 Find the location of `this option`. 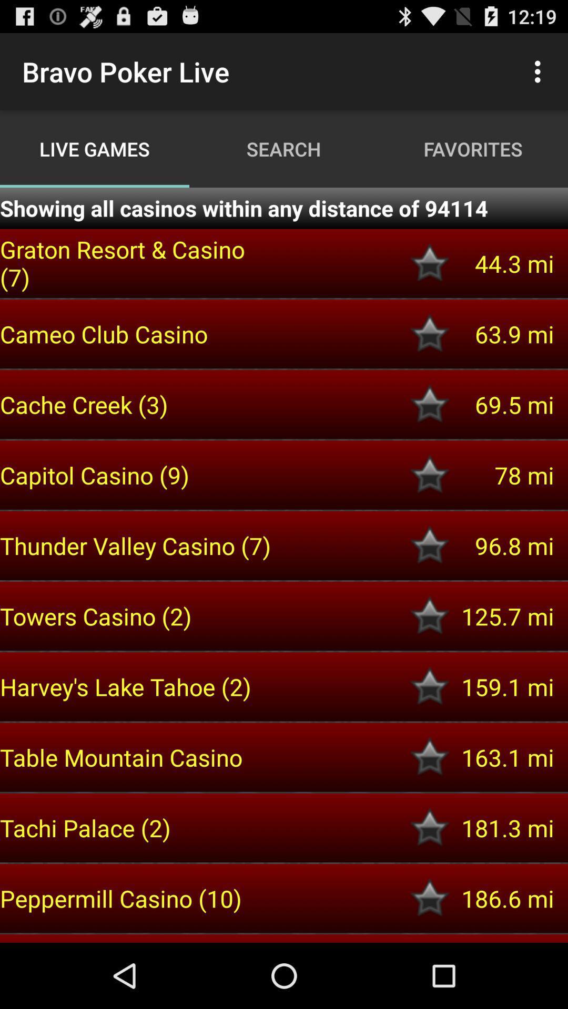

this option is located at coordinates (430, 686).